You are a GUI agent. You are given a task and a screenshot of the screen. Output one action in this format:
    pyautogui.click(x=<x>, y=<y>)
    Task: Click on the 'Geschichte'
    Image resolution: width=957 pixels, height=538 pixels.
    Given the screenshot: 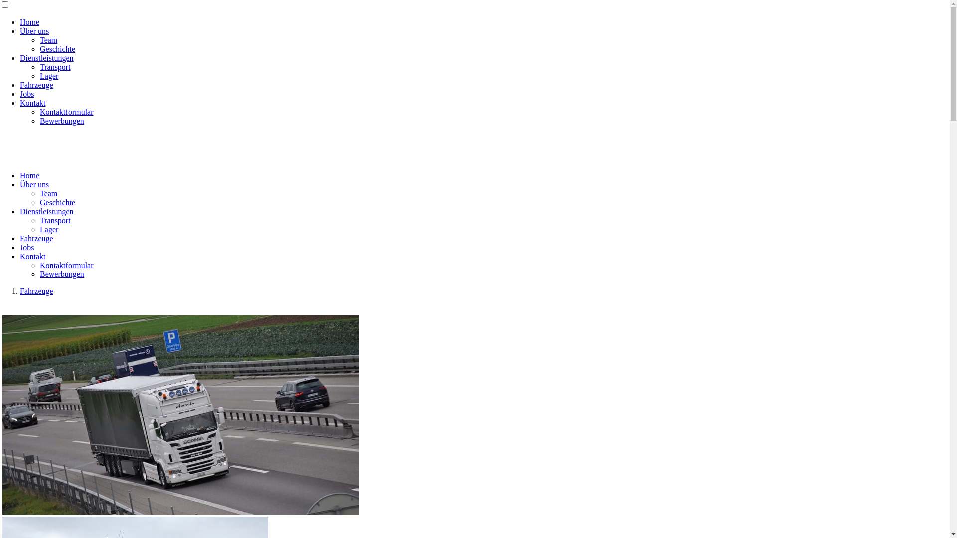 What is the action you would take?
    pyautogui.click(x=57, y=49)
    